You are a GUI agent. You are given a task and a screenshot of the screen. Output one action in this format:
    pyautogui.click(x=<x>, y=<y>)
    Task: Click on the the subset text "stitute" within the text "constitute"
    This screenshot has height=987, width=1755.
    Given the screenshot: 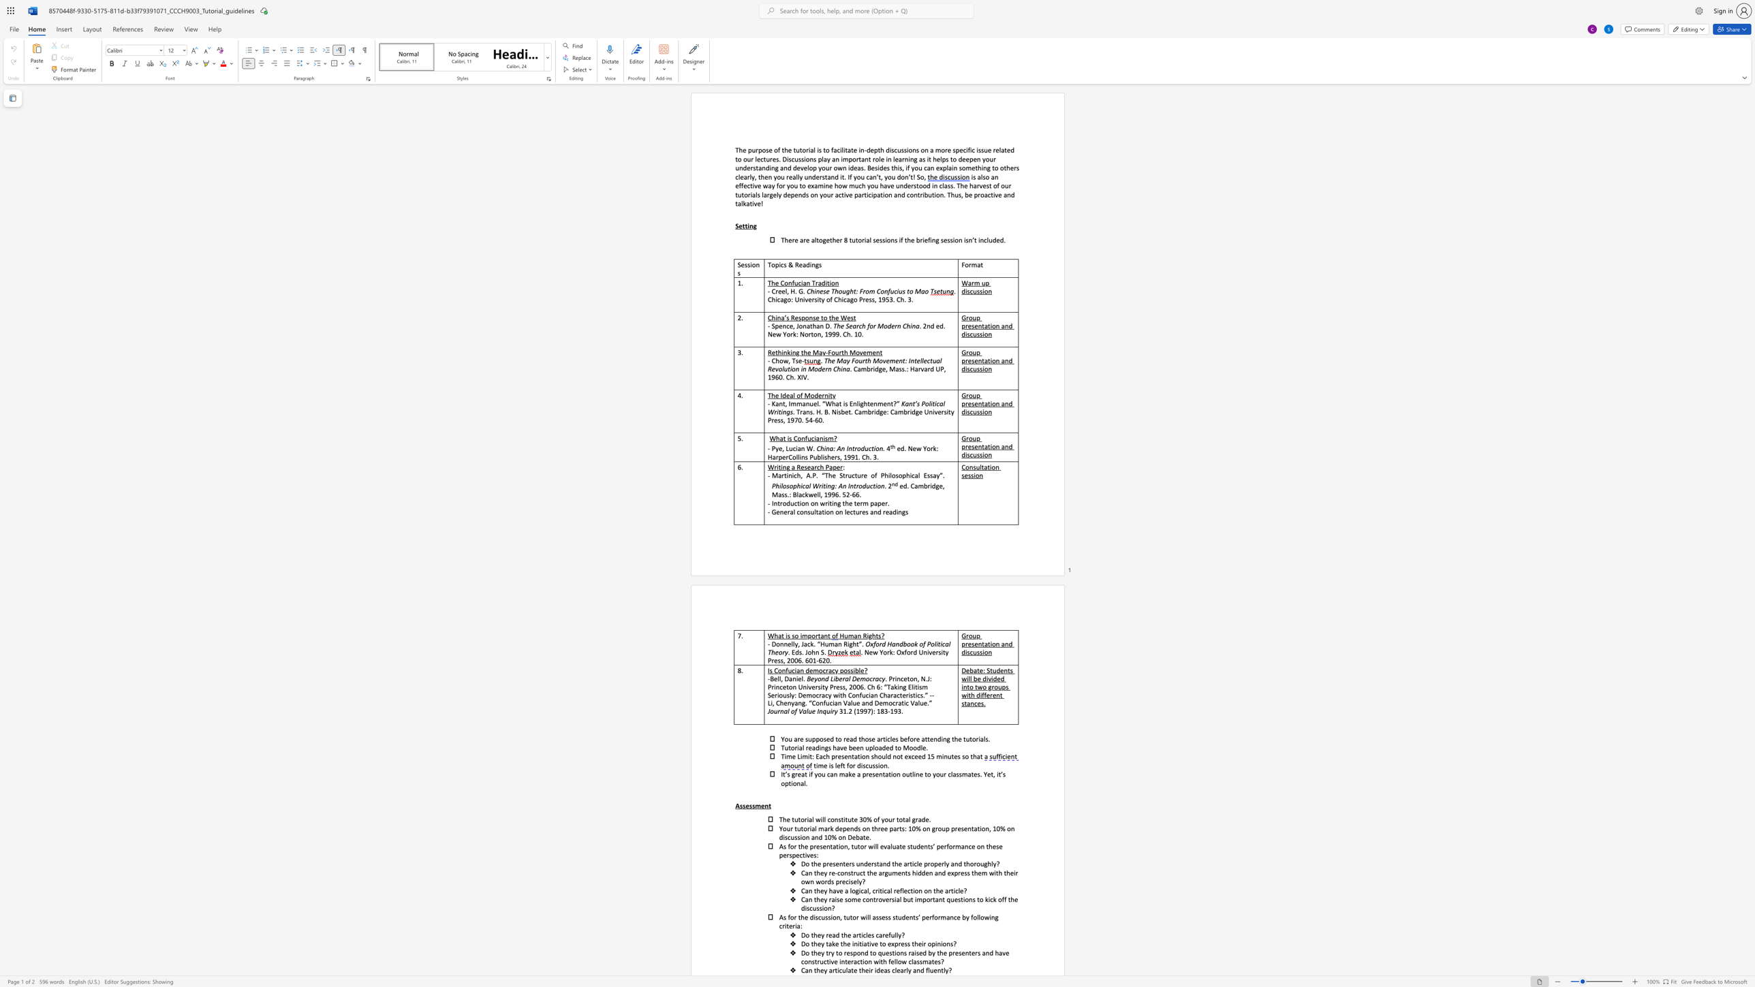 What is the action you would take?
    pyautogui.click(x=838, y=819)
    